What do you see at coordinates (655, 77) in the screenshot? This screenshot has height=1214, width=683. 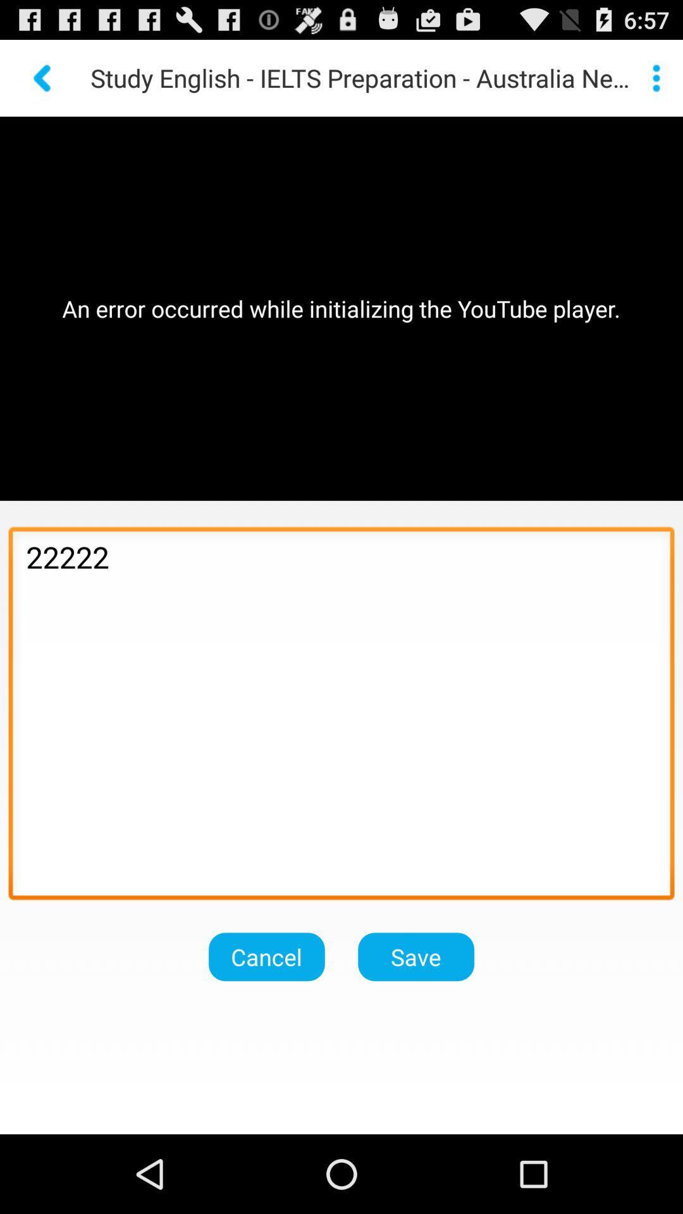 I see `get more info` at bounding box center [655, 77].